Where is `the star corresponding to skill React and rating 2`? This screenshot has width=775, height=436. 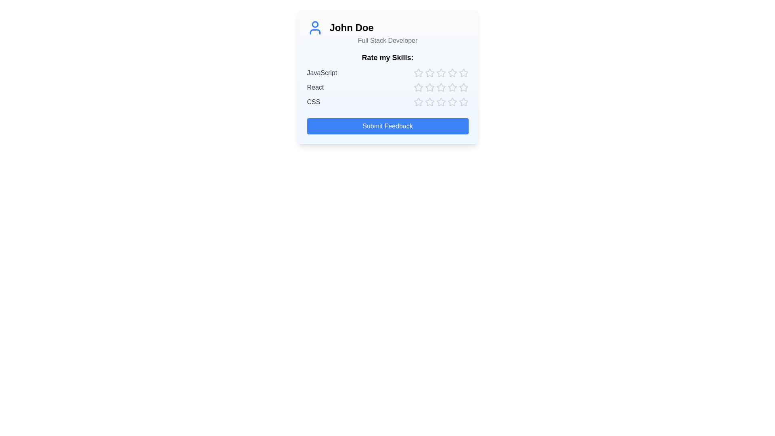
the star corresponding to skill React and rating 2 is located at coordinates (429, 87).